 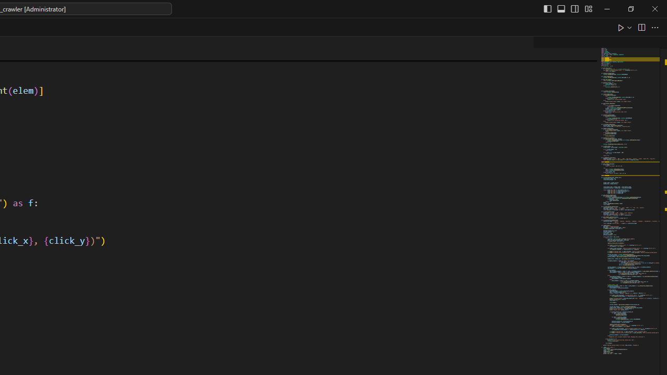 What do you see at coordinates (638, 27) in the screenshot?
I see `'Editor actions'` at bounding box center [638, 27].